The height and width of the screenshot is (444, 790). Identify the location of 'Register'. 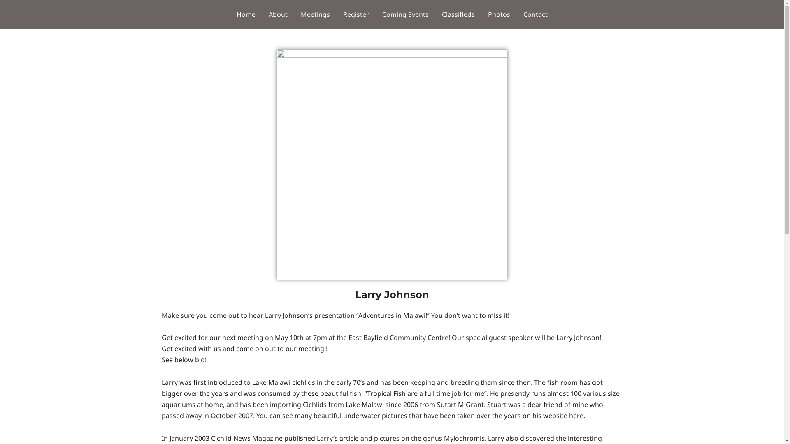
(356, 14).